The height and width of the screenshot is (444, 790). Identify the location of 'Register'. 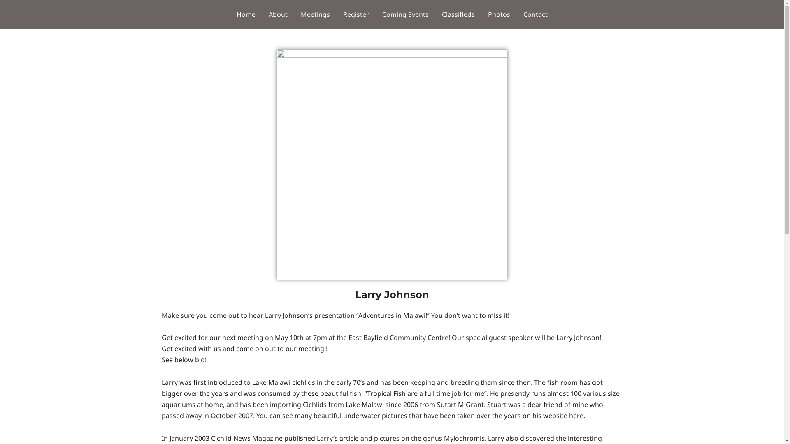
(356, 14).